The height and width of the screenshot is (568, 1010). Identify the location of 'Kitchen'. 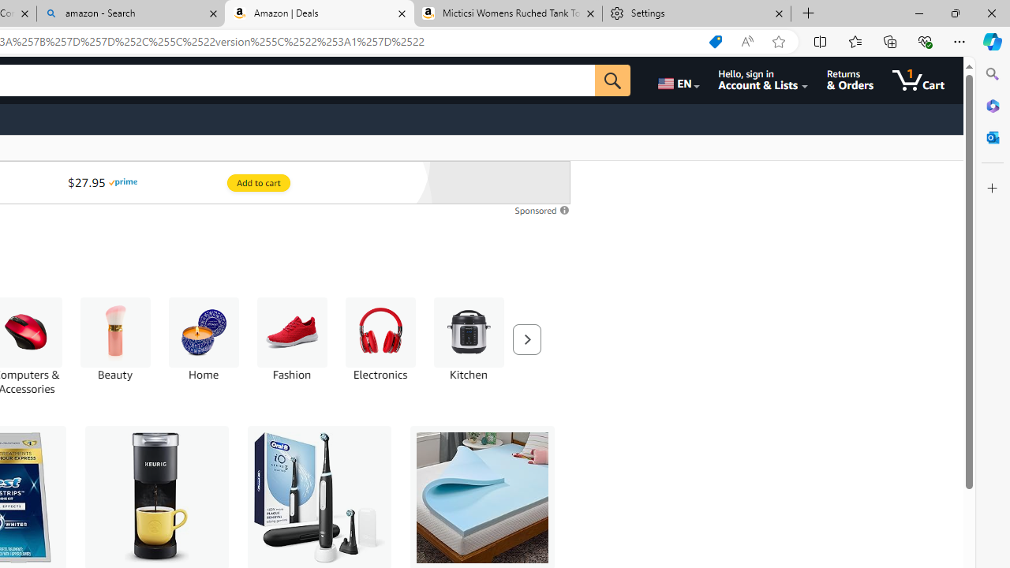
(467, 346).